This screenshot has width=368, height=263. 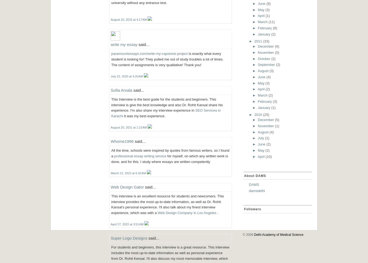 What do you see at coordinates (169, 159) in the screenshot?
I see `'for myself, on which any written work is done, and for this, I study where essays are written competently'` at bounding box center [169, 159].